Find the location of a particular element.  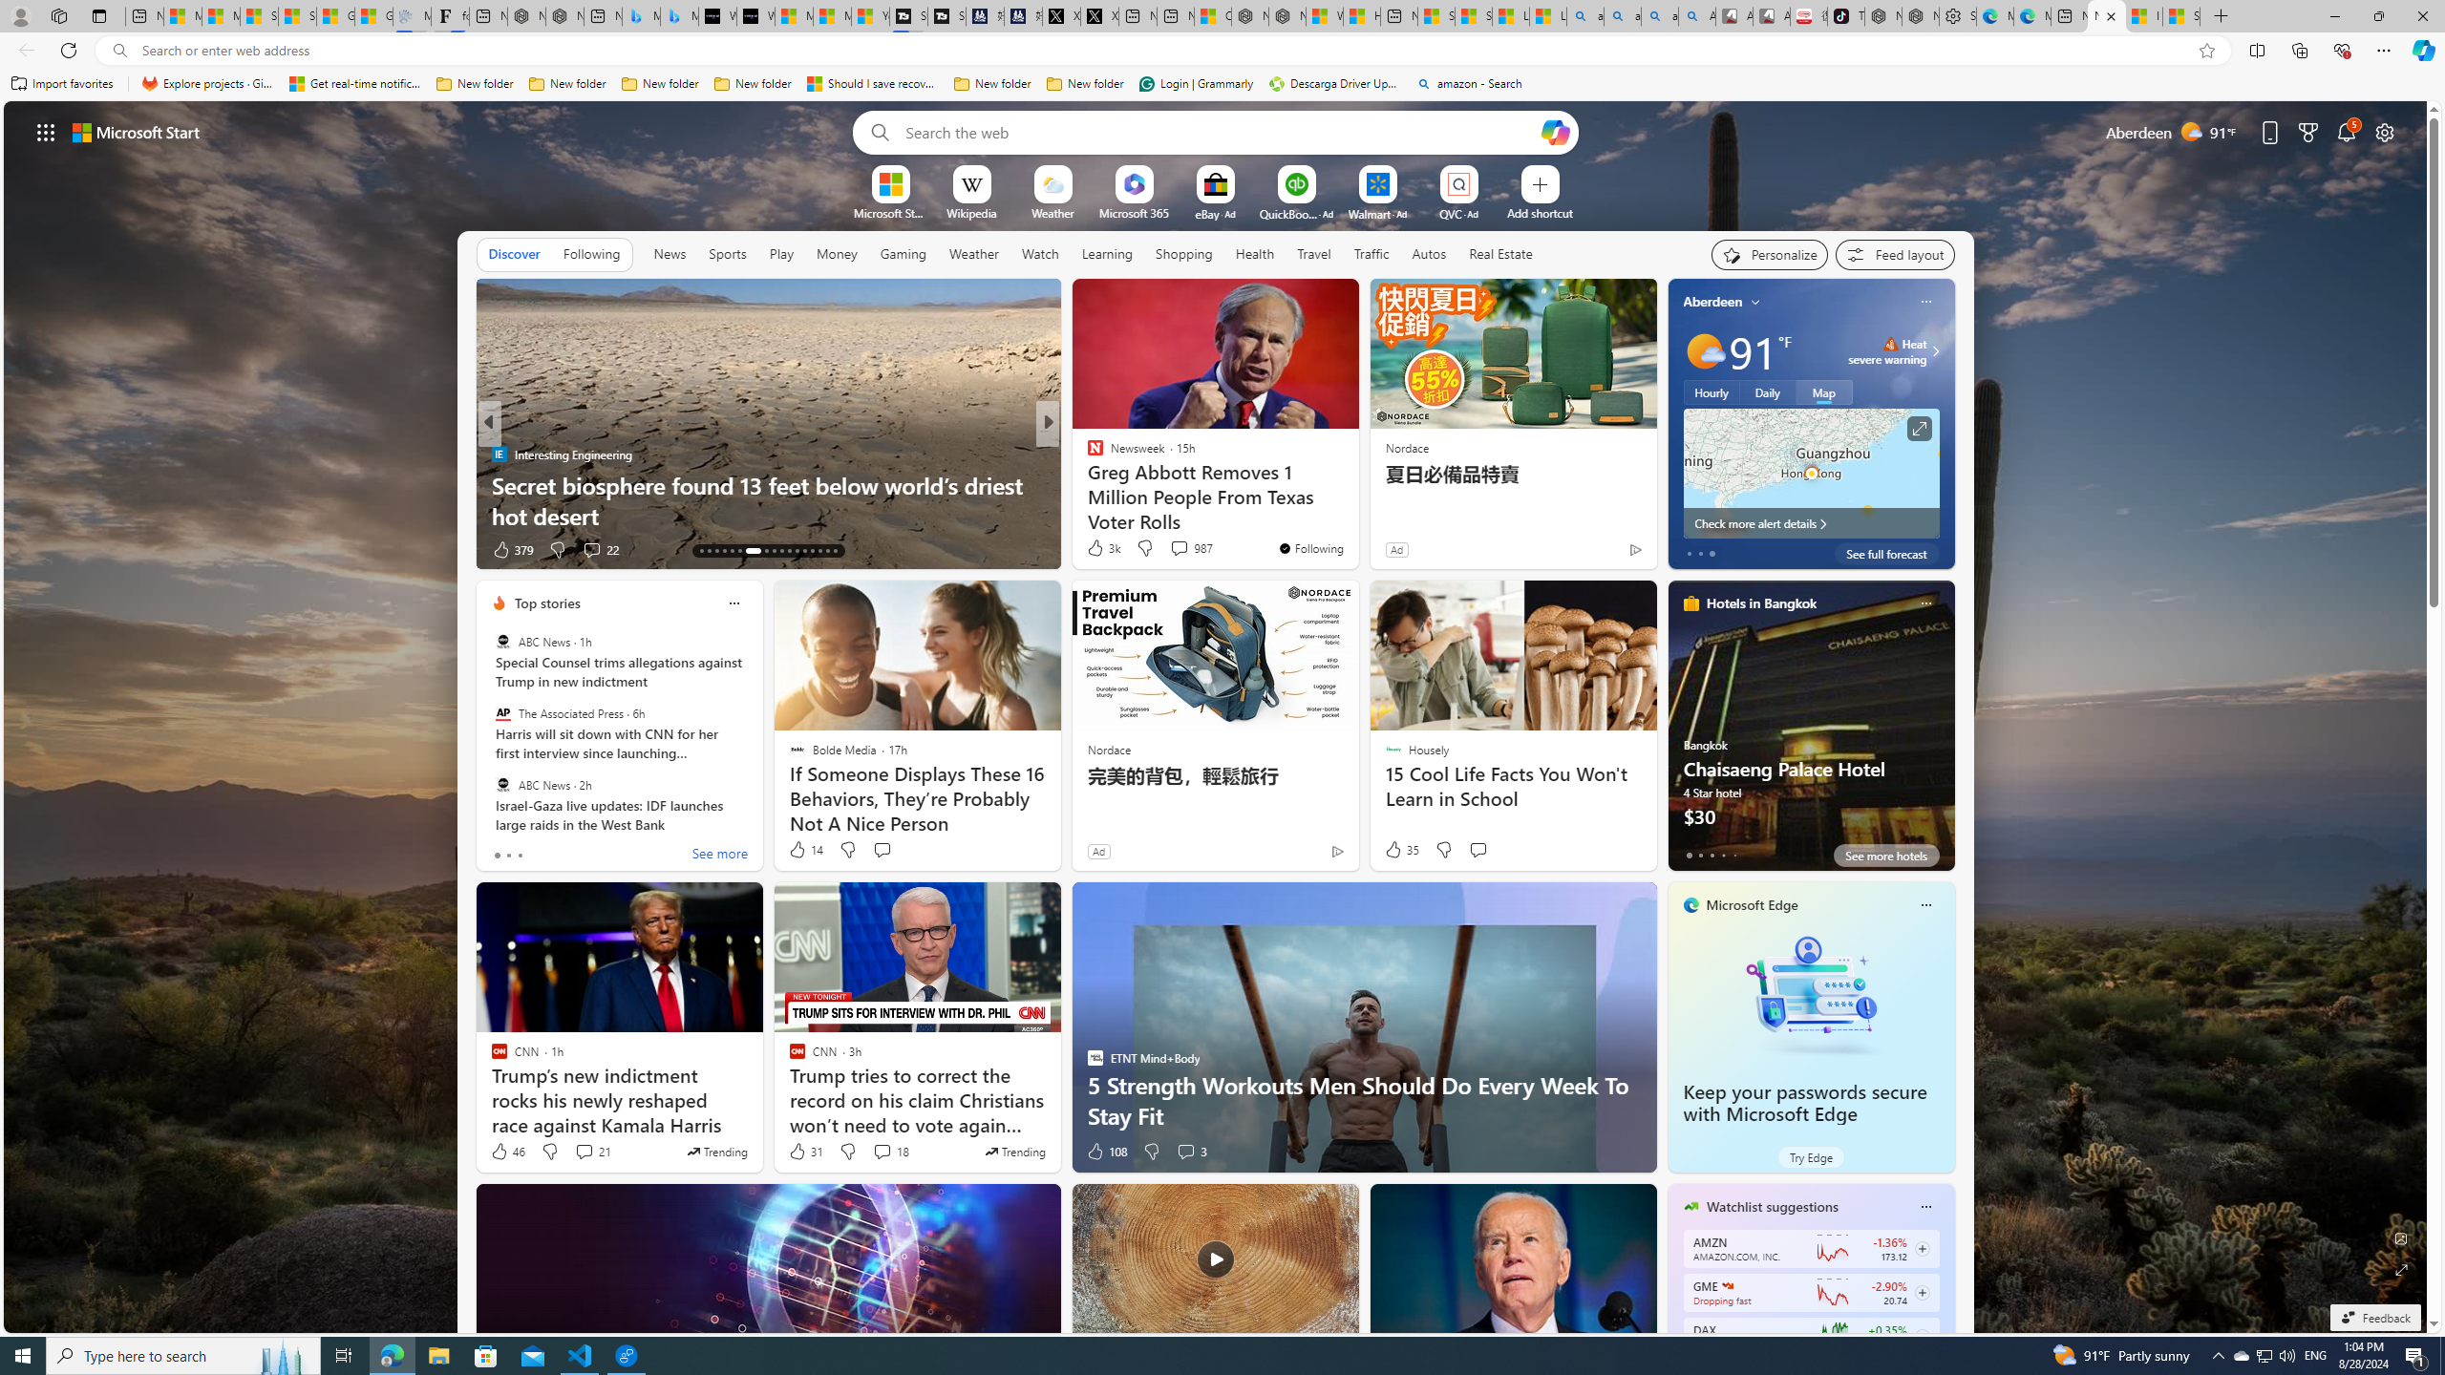

'View comments 174 Comment' is located at coordinates (1180, 548).